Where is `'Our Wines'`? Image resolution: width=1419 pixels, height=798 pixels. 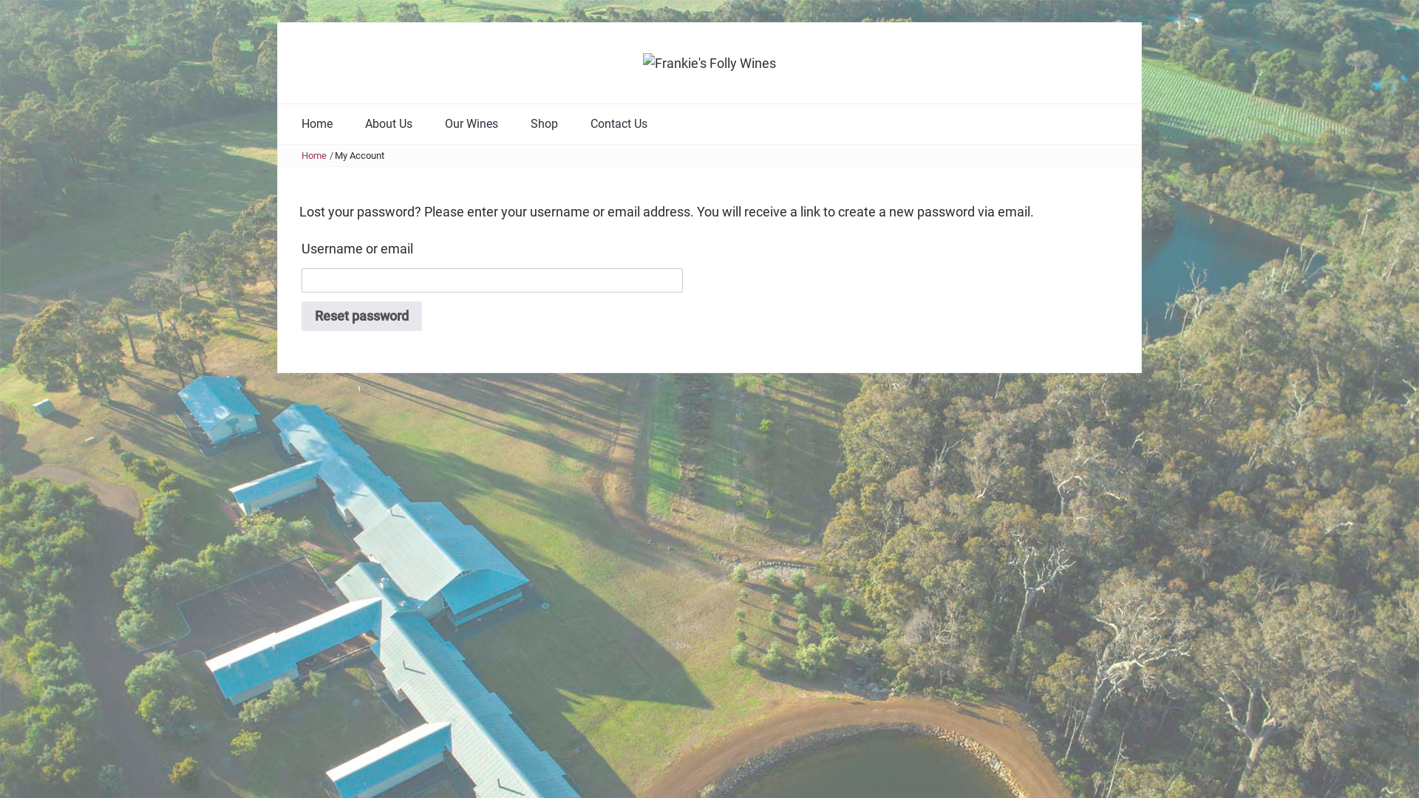 'Our Wines' is located at coordinates (471, 123).